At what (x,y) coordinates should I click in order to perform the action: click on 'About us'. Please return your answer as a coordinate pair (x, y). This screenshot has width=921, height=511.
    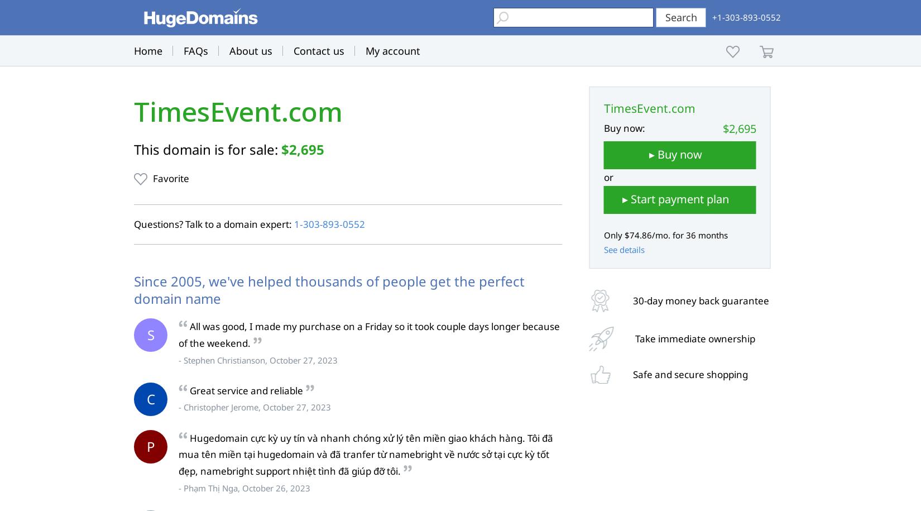
    Looking at the image, I should click on (250, 50).